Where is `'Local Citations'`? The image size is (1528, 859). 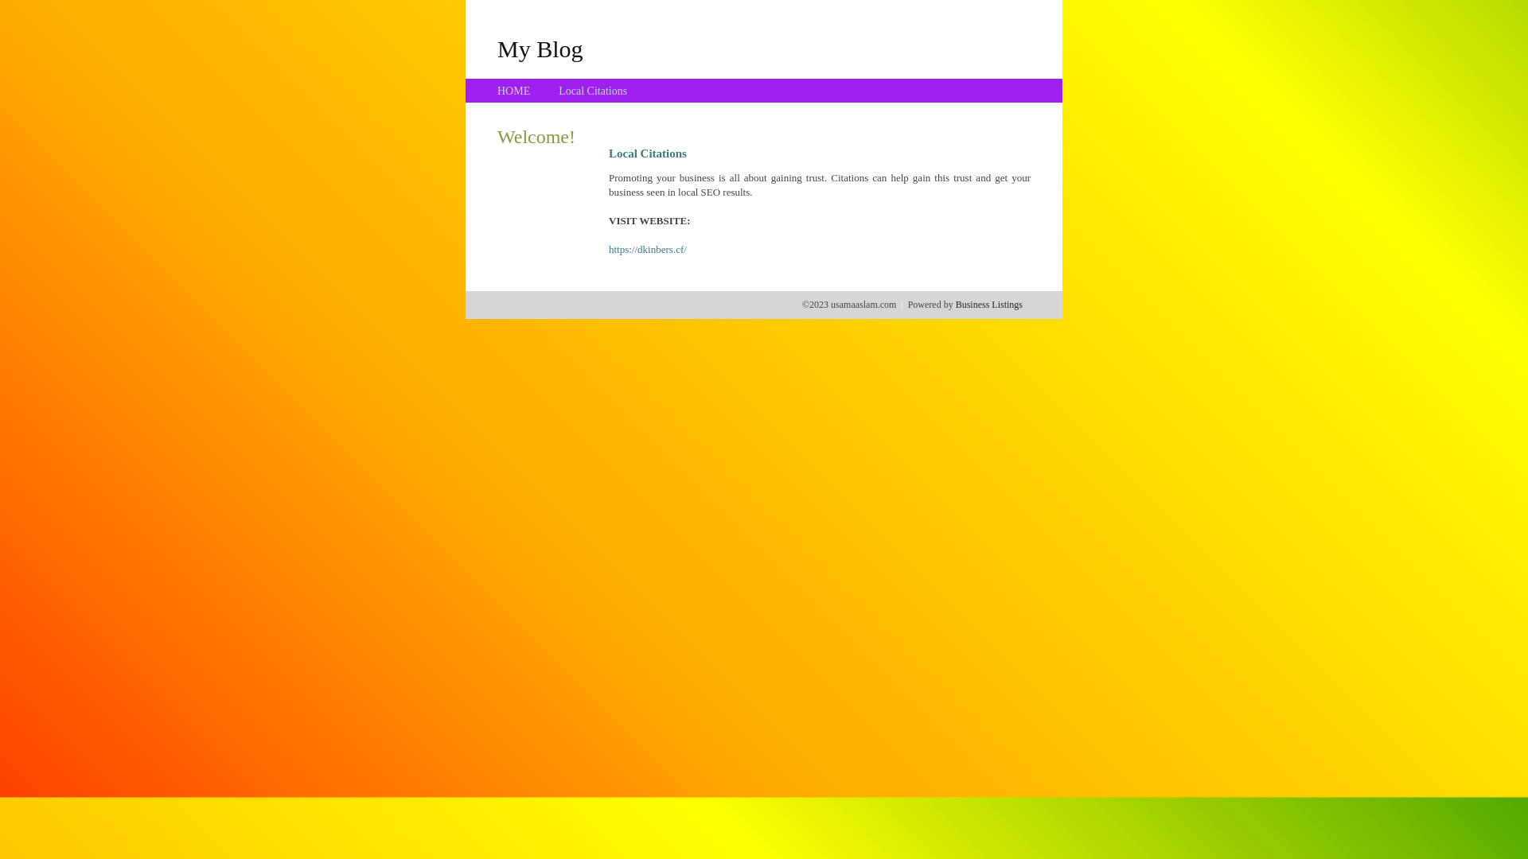
'Local Citations' is located at coordinates (591, 91).